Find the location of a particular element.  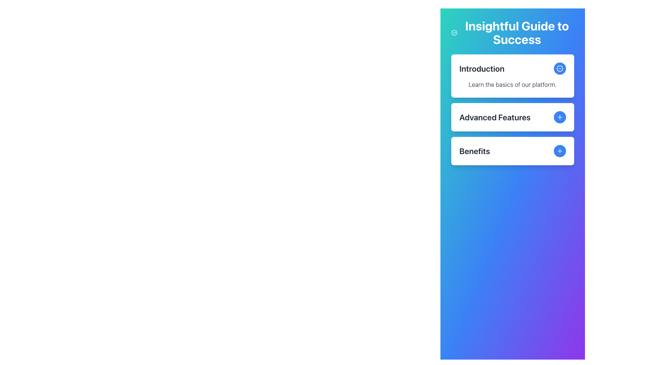

the confirmation icon located at the top-left corner of the card containing the header 'Insightful Guide to Success' is located at coordinates (454, 32).